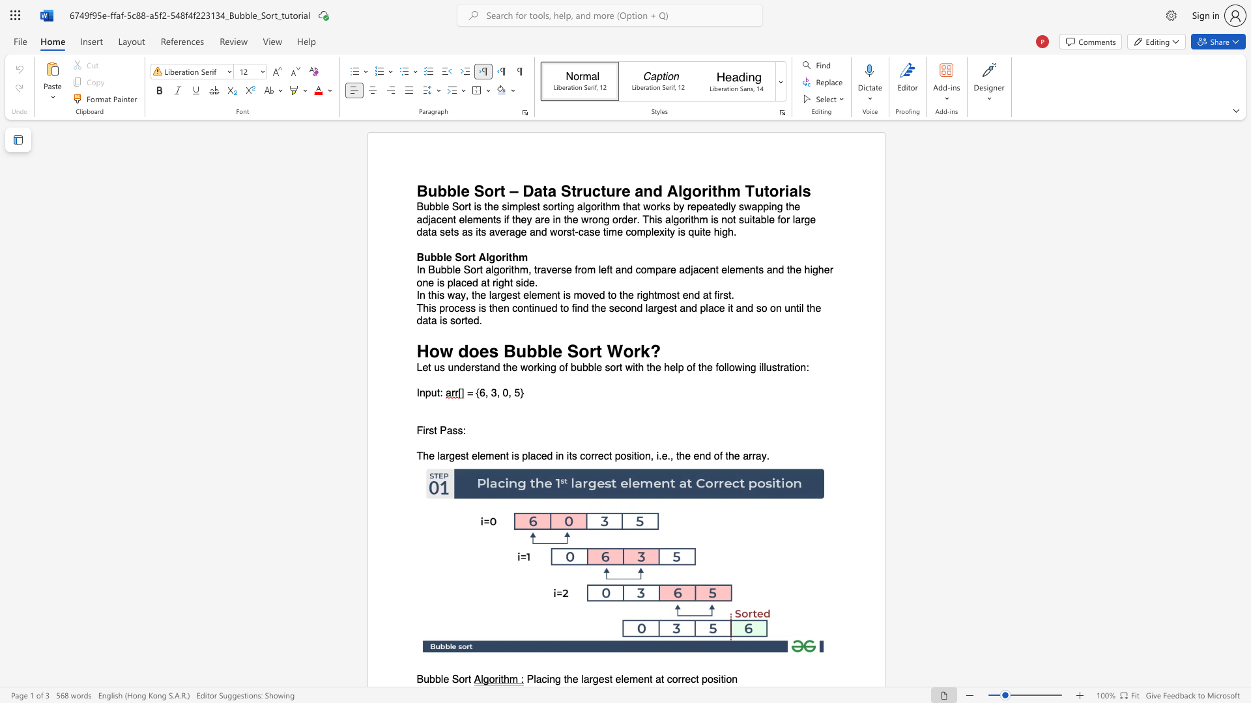  Describe the element at coordinates (724, 679) in the screenshot. I see `the 3th character "i" in the text` at that location.